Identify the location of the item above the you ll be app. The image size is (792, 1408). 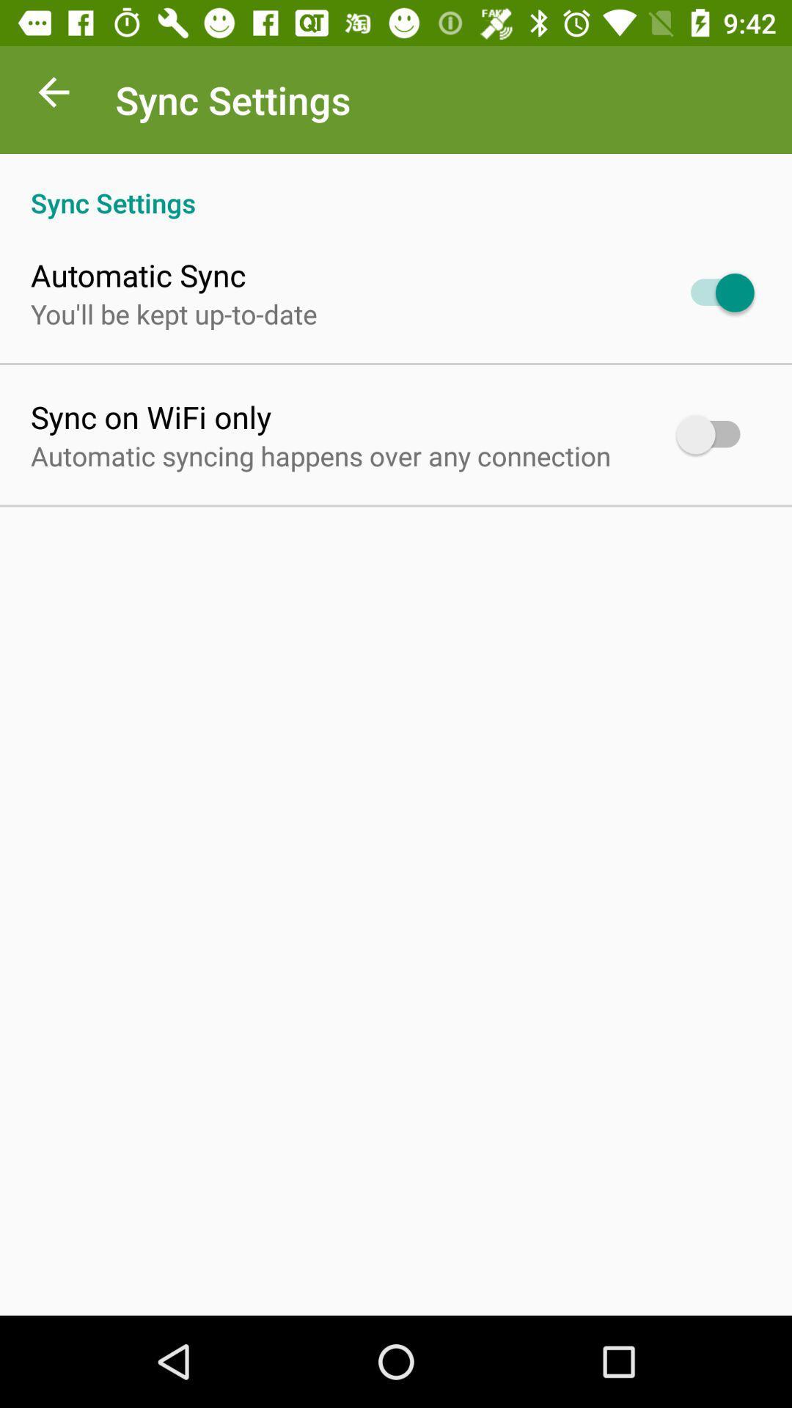
(138, 274).